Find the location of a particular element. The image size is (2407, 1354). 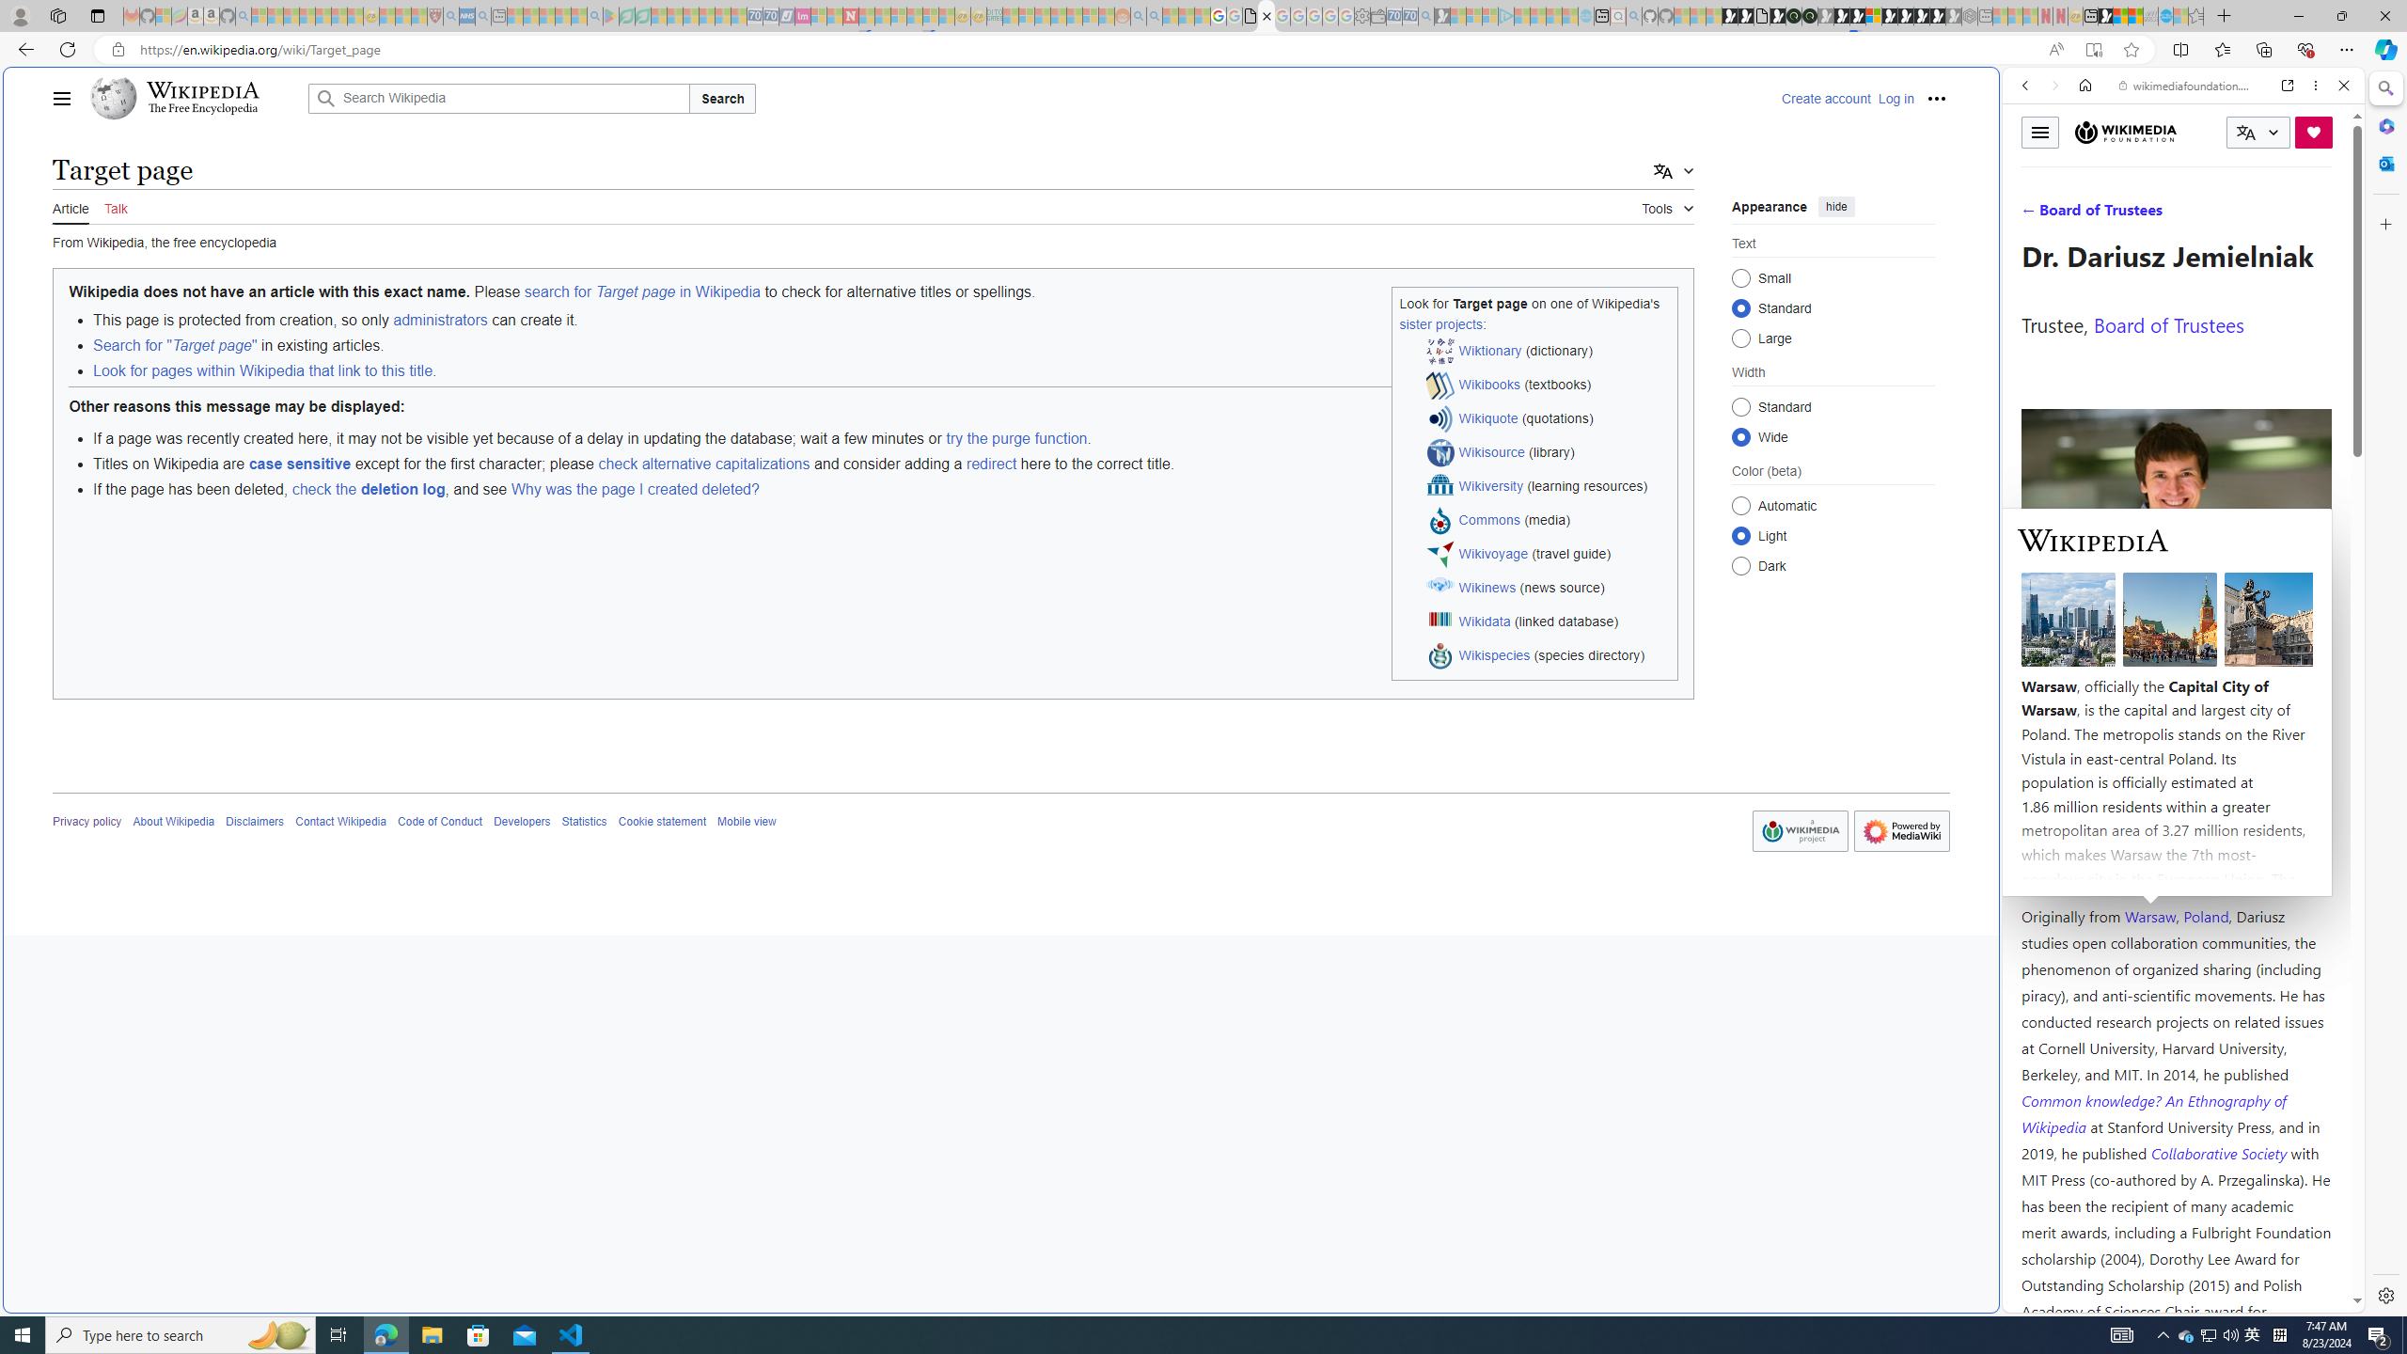

'Search the web' is located at coordinates (2192, 129).